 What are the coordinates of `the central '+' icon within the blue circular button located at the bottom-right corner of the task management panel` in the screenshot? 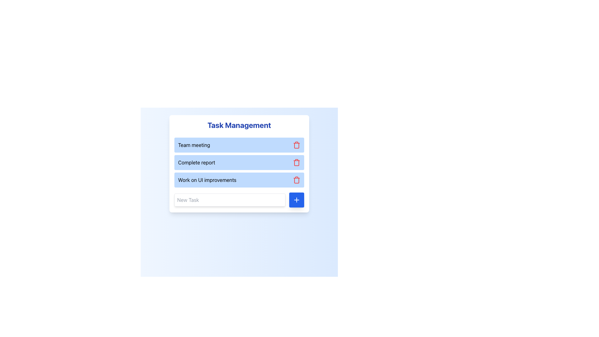 It's located at (296, 200).